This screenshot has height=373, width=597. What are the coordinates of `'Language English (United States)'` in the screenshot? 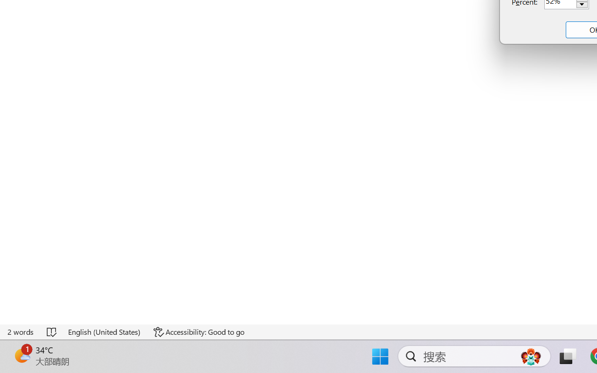 It's located at (104, 332).